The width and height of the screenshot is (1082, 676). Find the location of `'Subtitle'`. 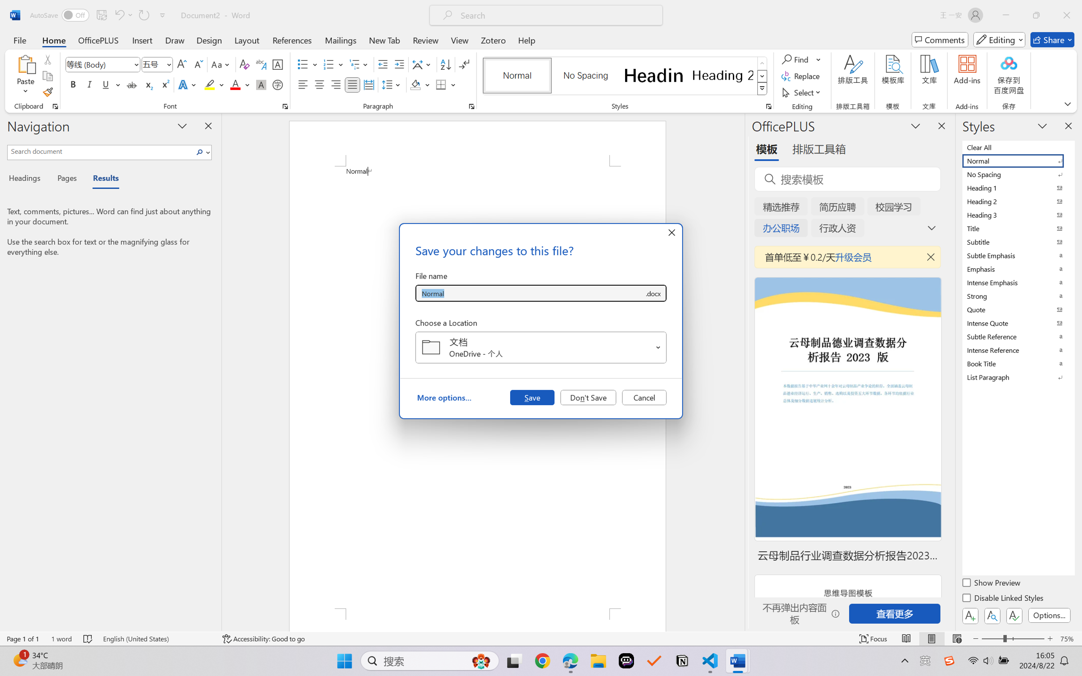

'Subtitle' is located at coordinates (1017, 241).